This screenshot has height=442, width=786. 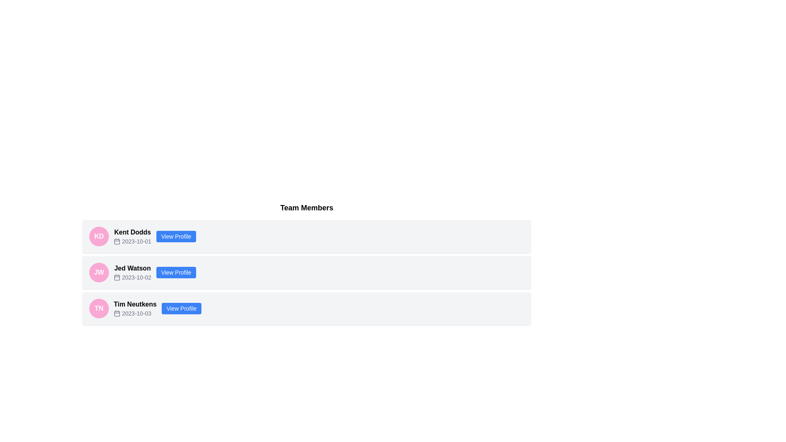 I want to click on text content of the calendar icon associated with the team member's identity and timestamp, located below the 'TN' initials icon and to the left of the 'View Profile' button, so click(x=135, y=308).